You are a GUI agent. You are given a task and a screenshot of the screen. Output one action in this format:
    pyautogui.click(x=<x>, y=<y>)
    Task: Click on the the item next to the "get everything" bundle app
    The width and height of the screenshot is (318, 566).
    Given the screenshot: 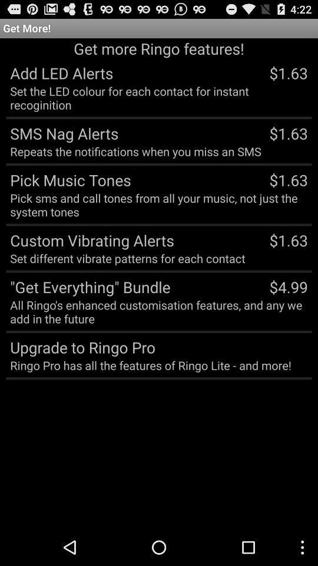 What is the action you would take?
    pyautogui.click(x=288, y=286)
    